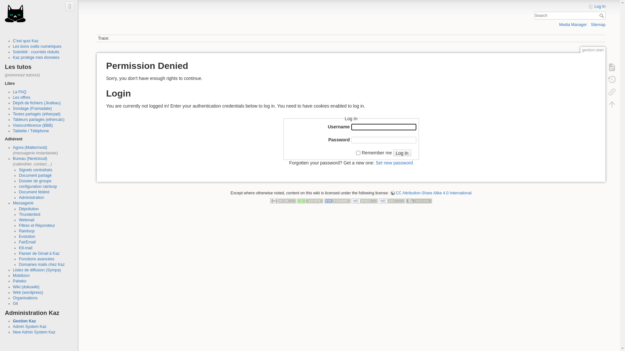 This screenshot has height=351, width=625. What do you see at coordinates (402, 153) in the screenshot?
I see `'Log In'` at bounding box center [402, 153].